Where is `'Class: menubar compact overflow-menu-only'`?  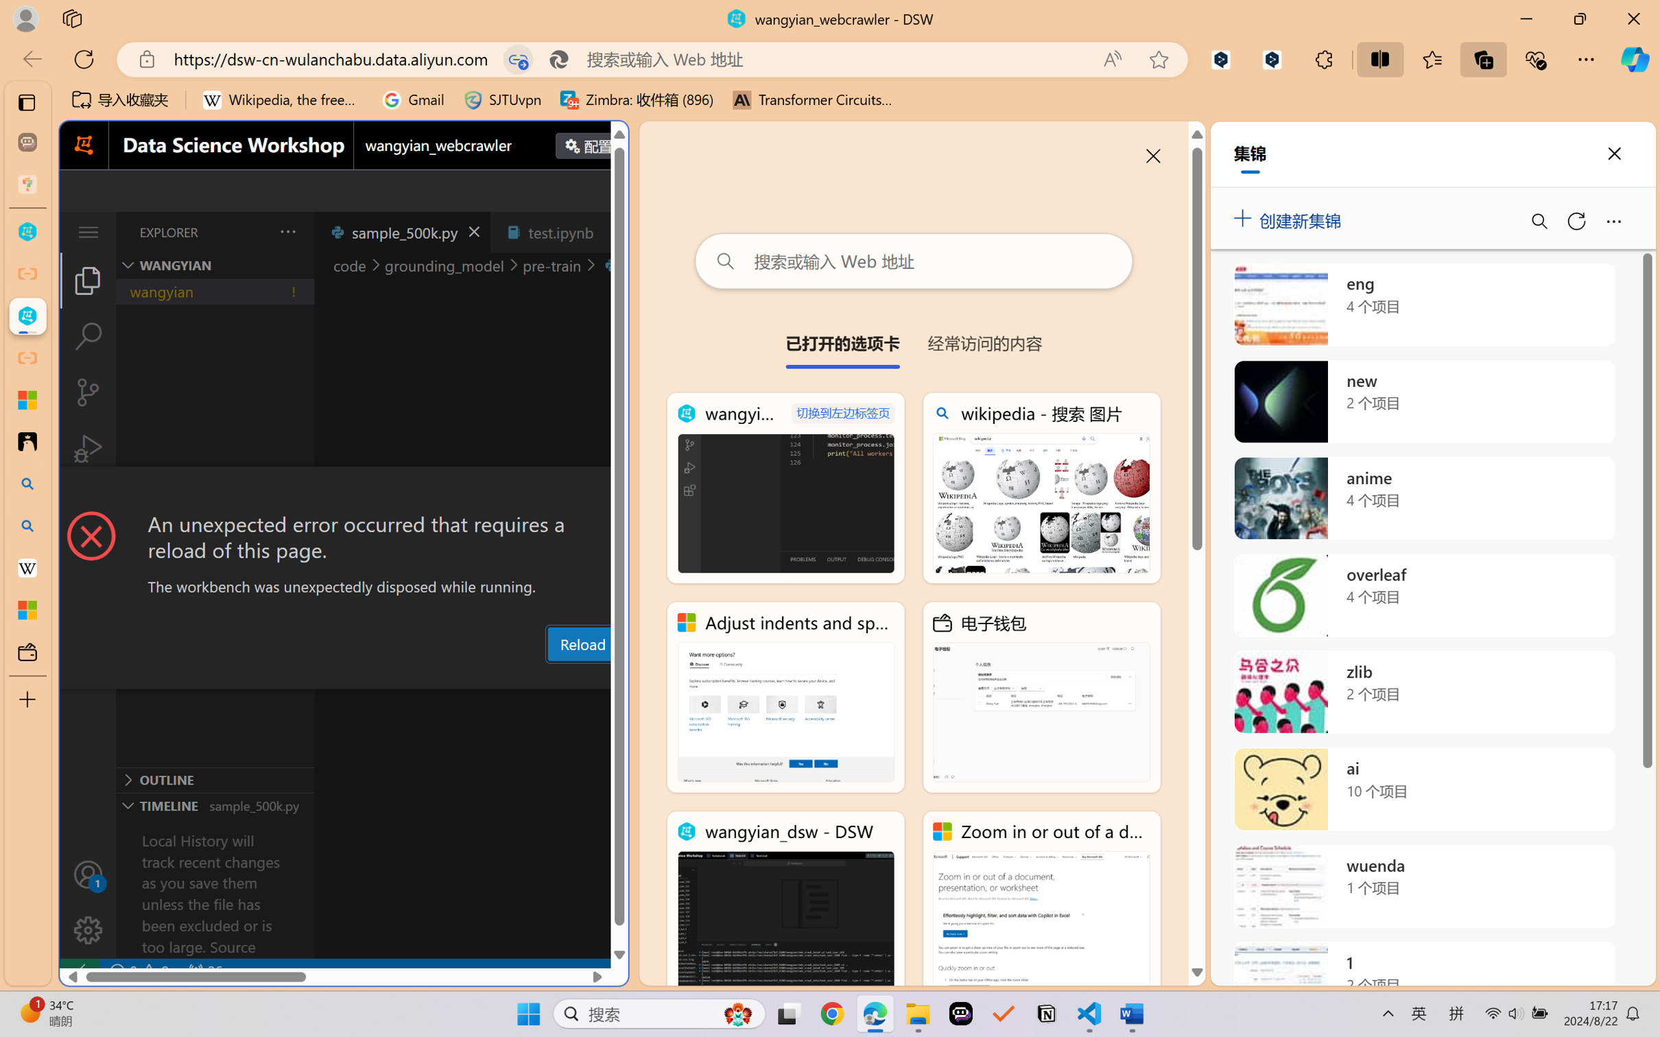
'Class: menubar compact overflow-menu-only' is located at coordinates (87, 231).